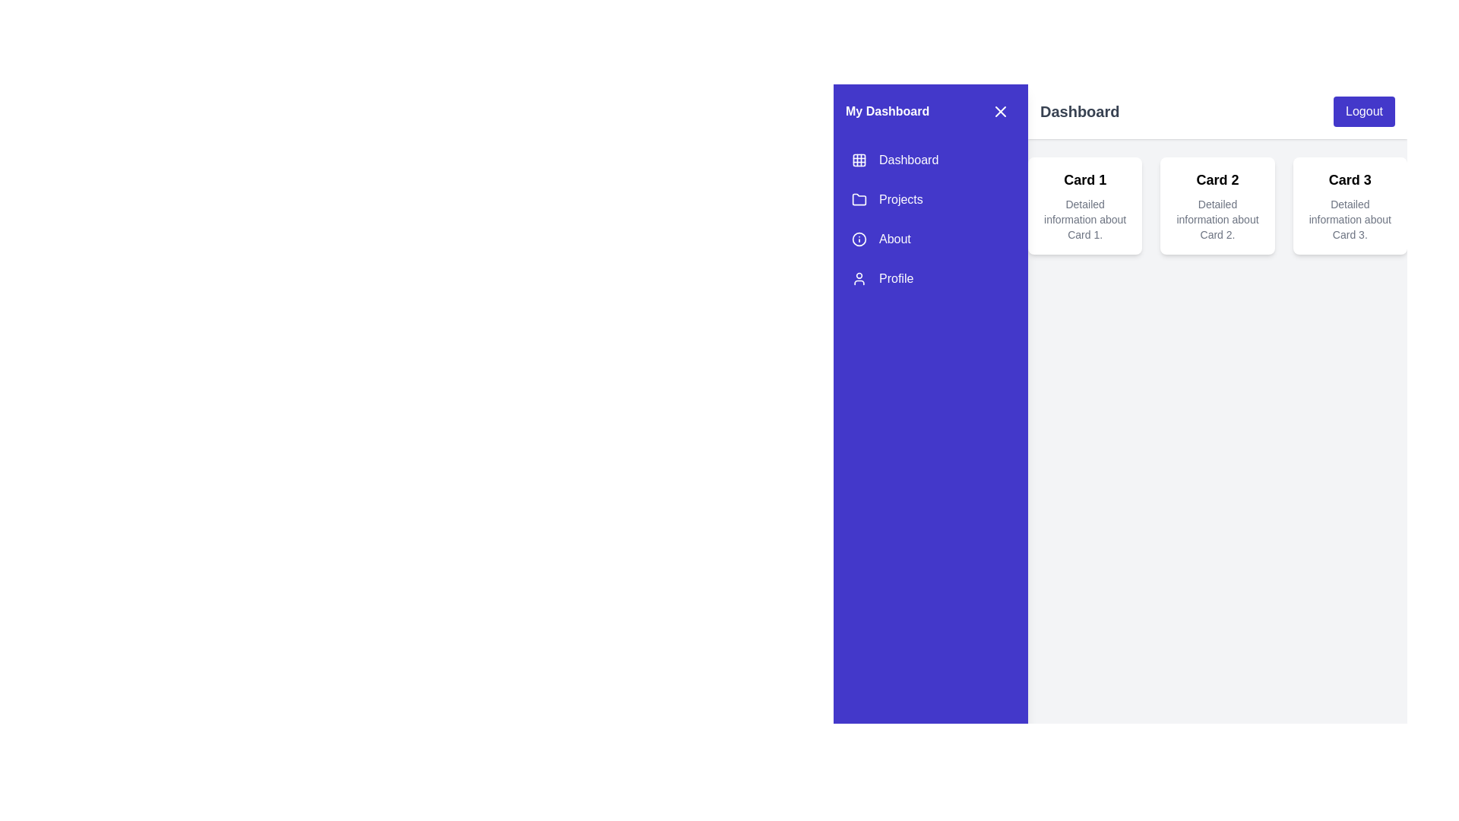  What do you see at coordinates (859, 198) in the screenshot?
I see `the 'Projects' icon in the left-side navigation panel by moving the cursor to its center point` at bounding box center [859, 198].